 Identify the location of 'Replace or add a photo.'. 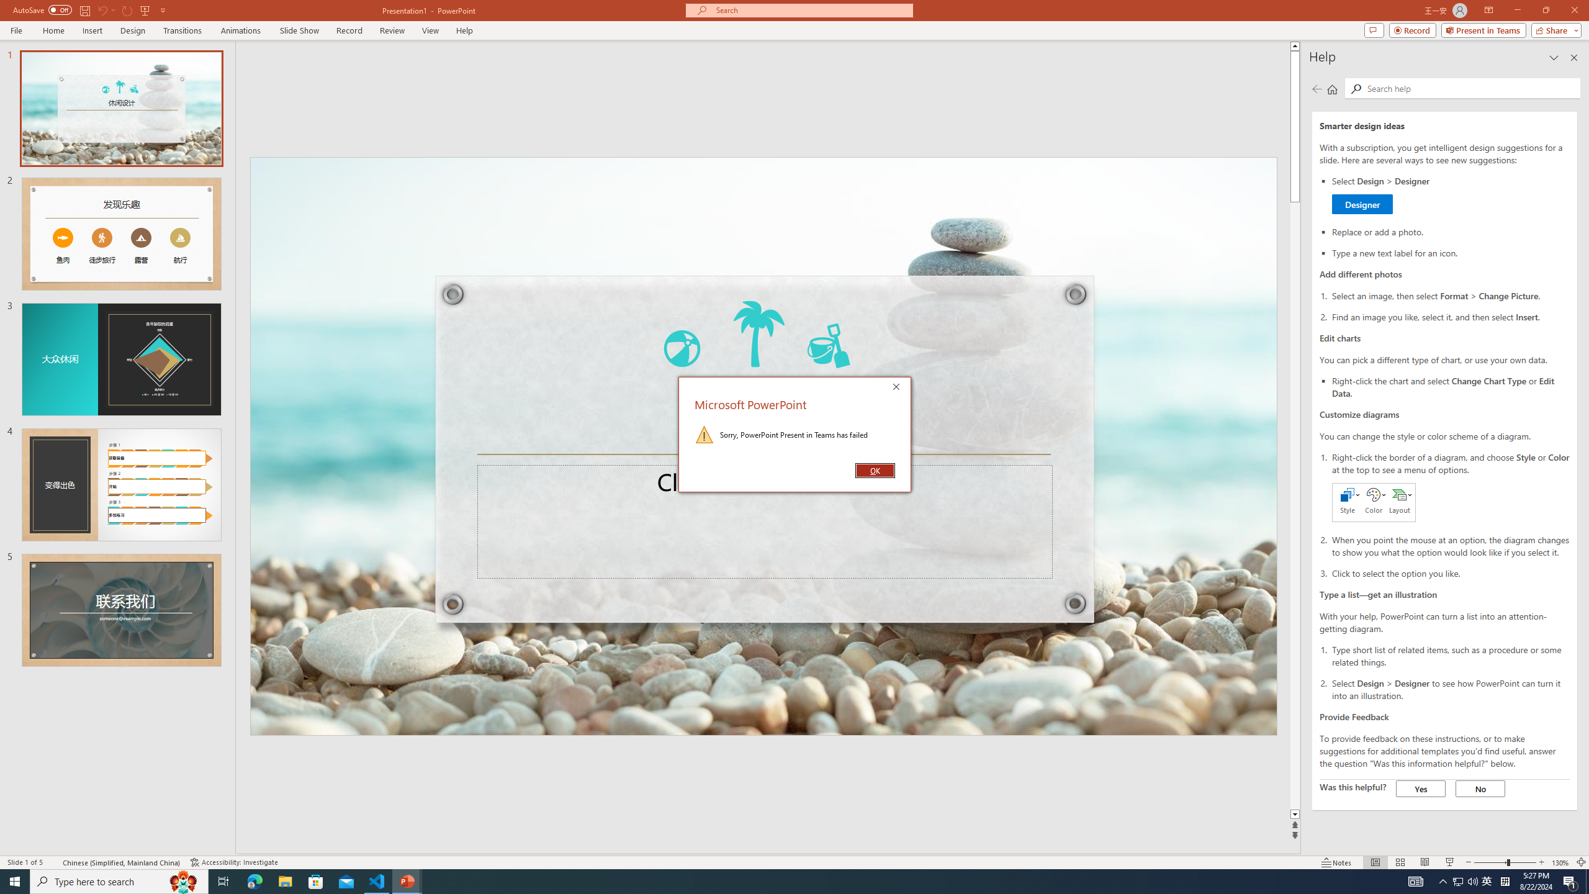
(1450, 230).